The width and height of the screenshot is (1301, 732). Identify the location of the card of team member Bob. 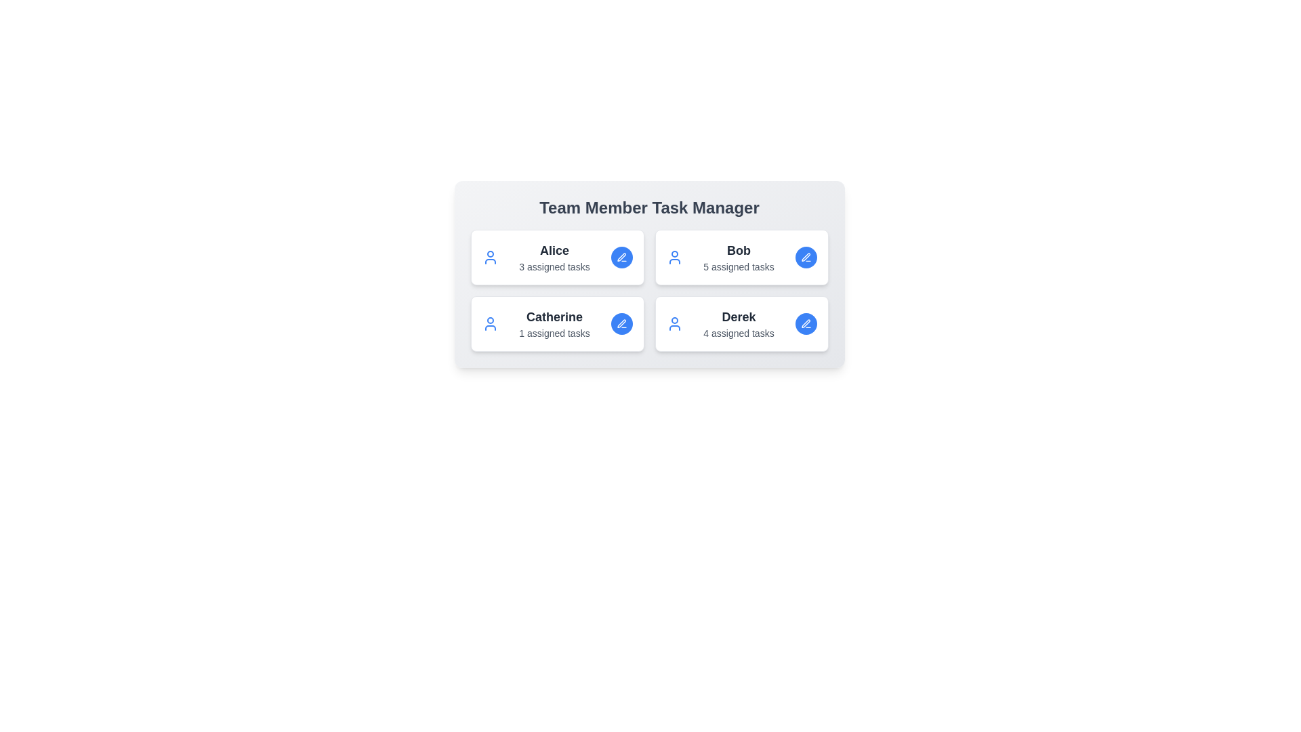
(741, 258).